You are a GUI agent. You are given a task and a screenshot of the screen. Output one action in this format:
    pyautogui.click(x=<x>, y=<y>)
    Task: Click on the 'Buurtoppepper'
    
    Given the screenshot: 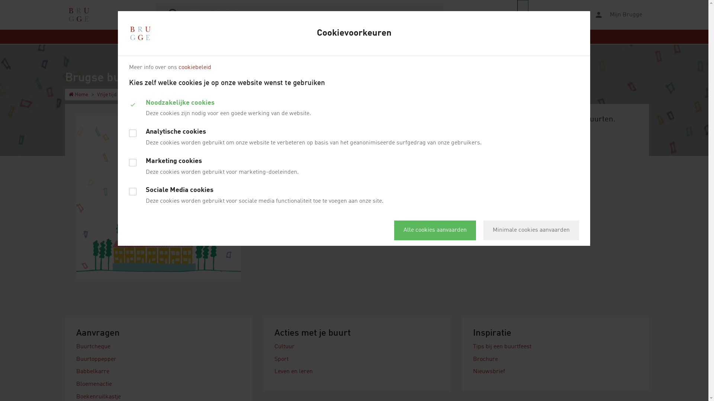 What is the action you would take?
    pyautogui.click(x=96, y=359)
    